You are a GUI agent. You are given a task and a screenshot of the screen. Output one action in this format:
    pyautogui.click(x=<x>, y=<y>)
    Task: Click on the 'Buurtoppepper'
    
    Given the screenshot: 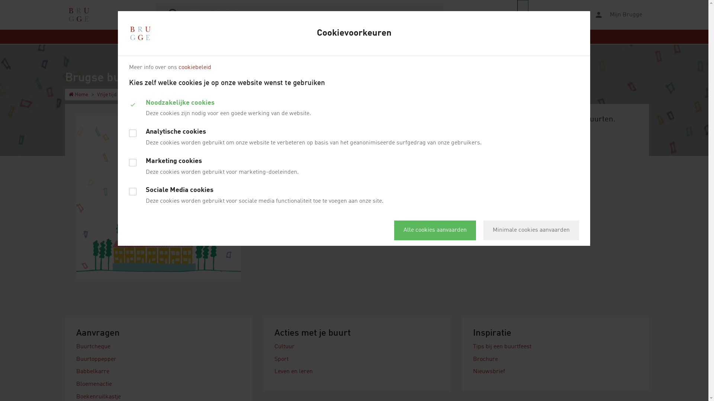 What is the action you would take?
    pyautogui.click(x=96, y=359)
    